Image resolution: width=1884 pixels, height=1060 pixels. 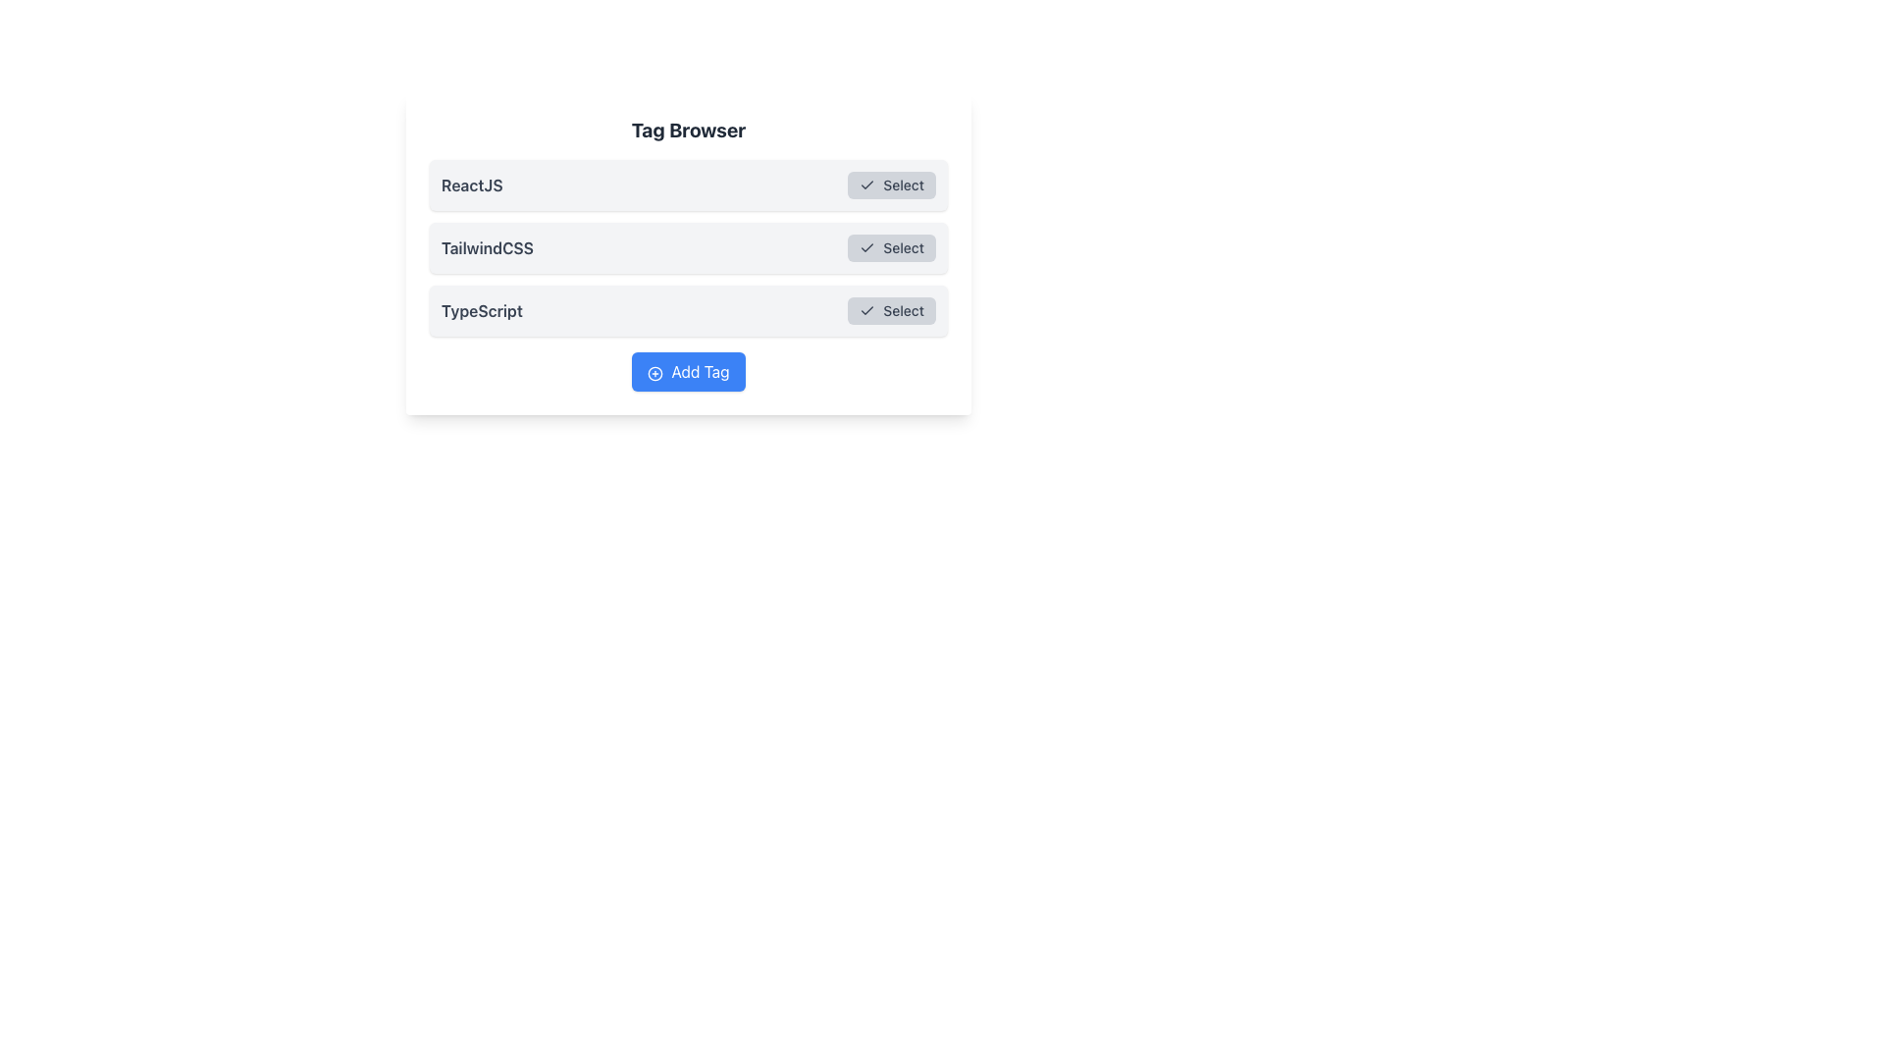 What do you see at coordinates (891, 309) in the screenshot?
I see `the 'Select' button with a checkmark icon located in the 'TypeScript' section` at bounding box center [891, 309].